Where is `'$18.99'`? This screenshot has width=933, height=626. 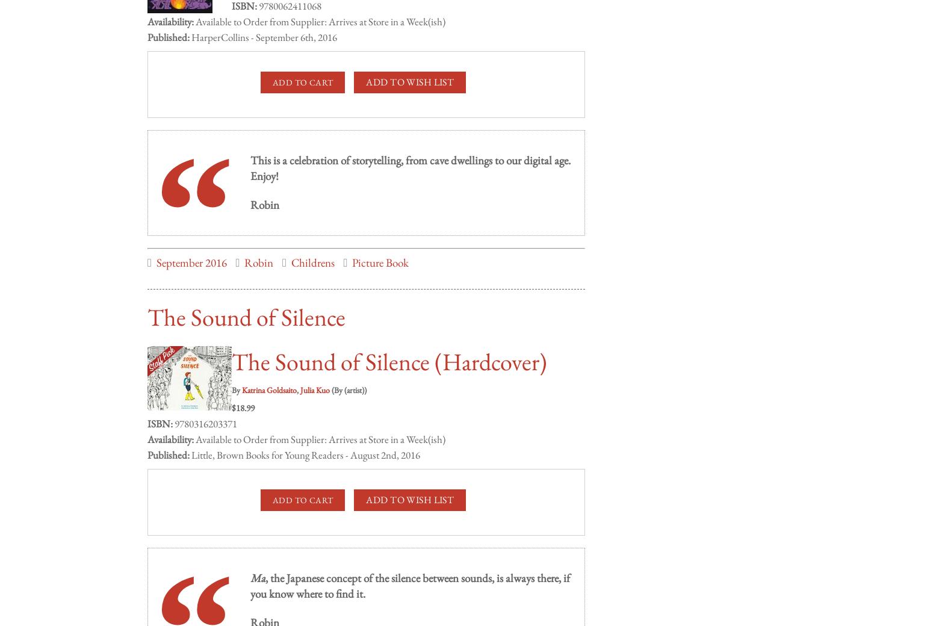 '$18.99' is located at coordinates (243, 395).